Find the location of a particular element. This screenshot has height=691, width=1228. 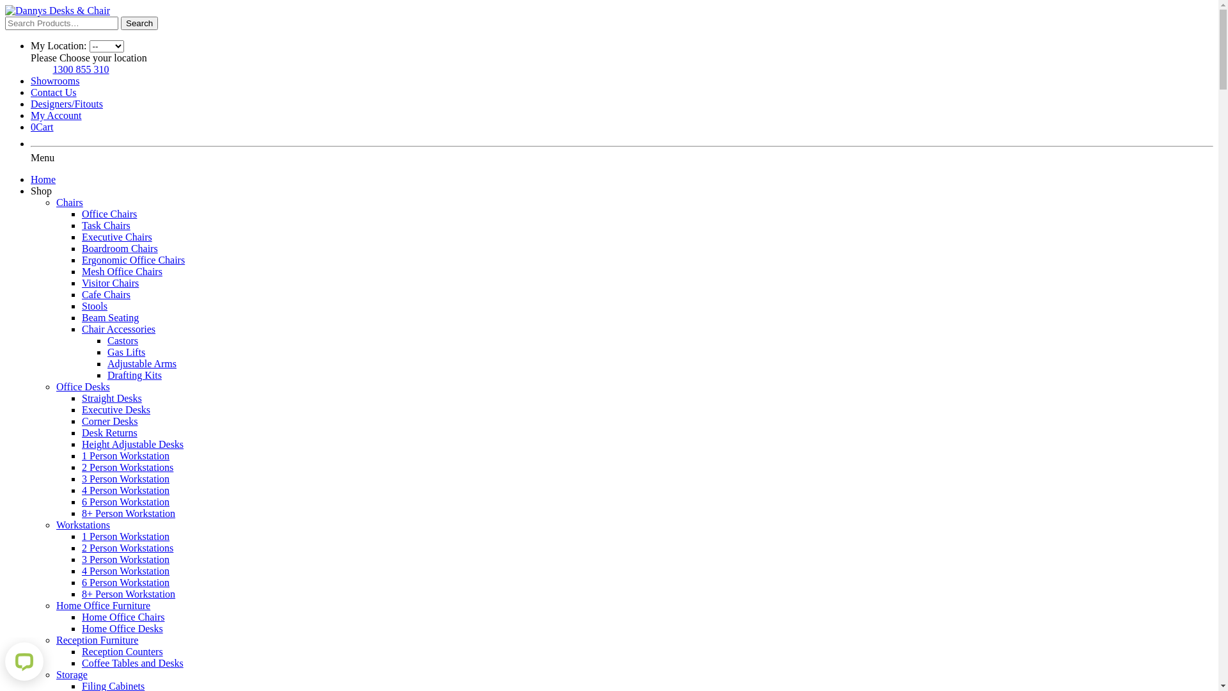

'Stools' is located at coordinates (94, 306).